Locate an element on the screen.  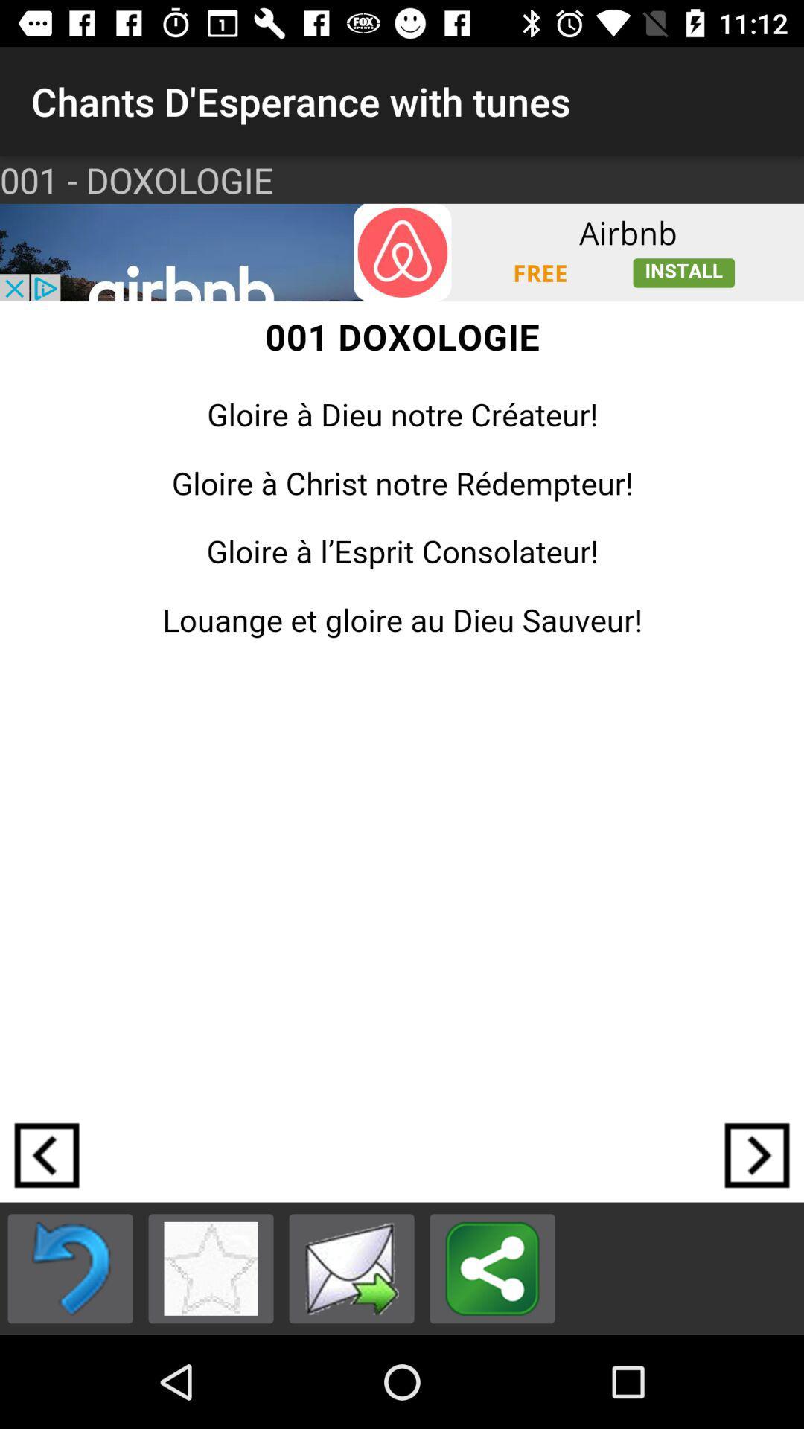
follow is located at coordinates (757, 1154).